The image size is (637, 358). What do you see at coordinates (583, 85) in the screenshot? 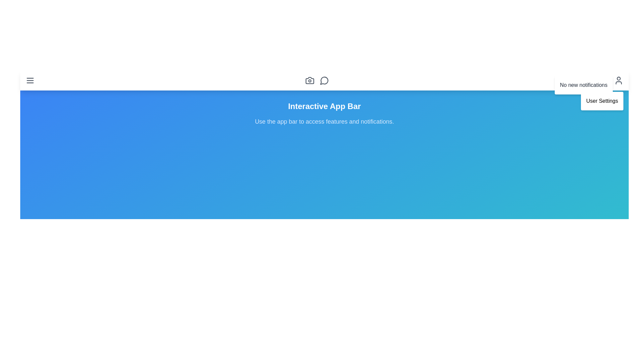
I see `the 'No new notifications' message` at bounding box center [583, 85].